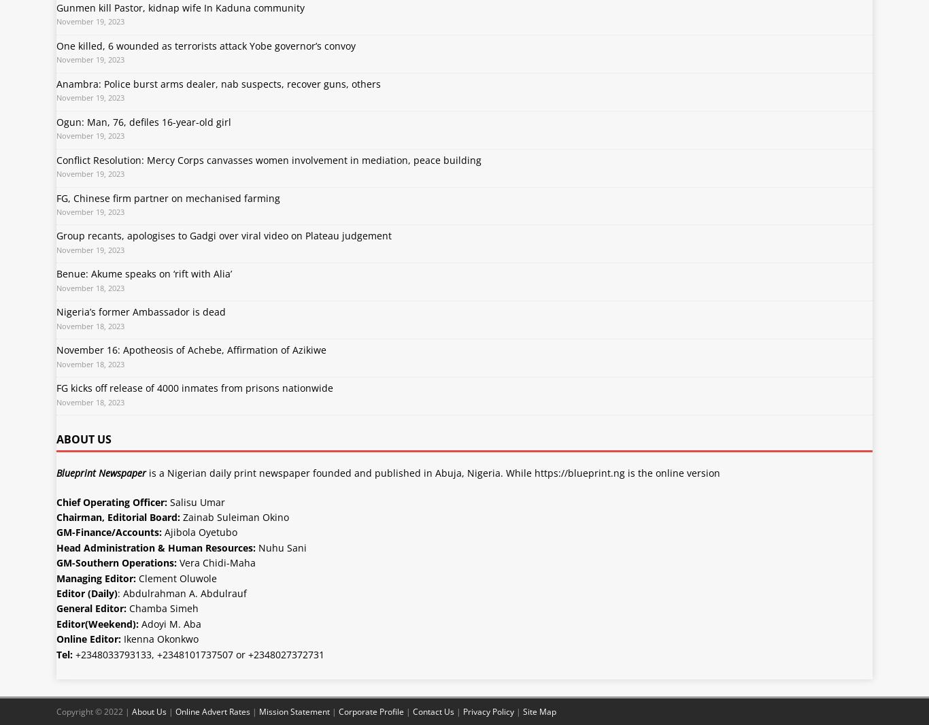 Image resolution: width=929 pixels, height=725 pixels. I want to click on 'Head Administration & Human Resources:', so click(56, 547).